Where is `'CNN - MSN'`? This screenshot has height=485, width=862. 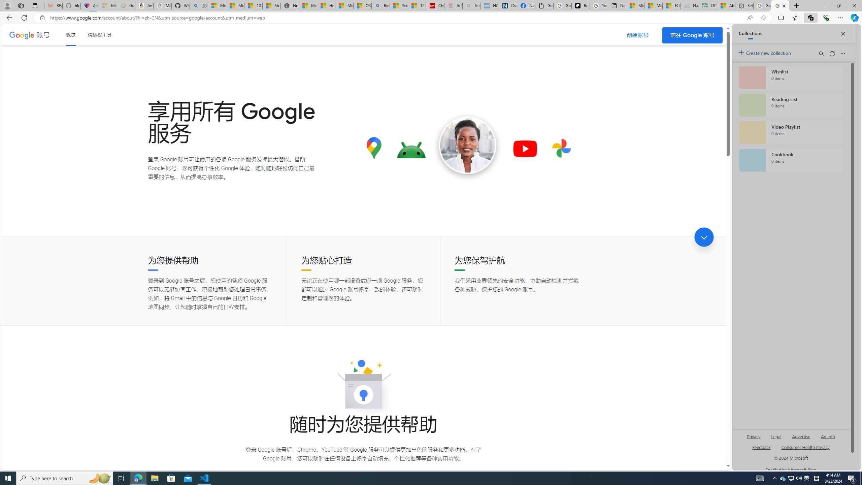
'CNN - MSN' is located at coordinates (362, 5).